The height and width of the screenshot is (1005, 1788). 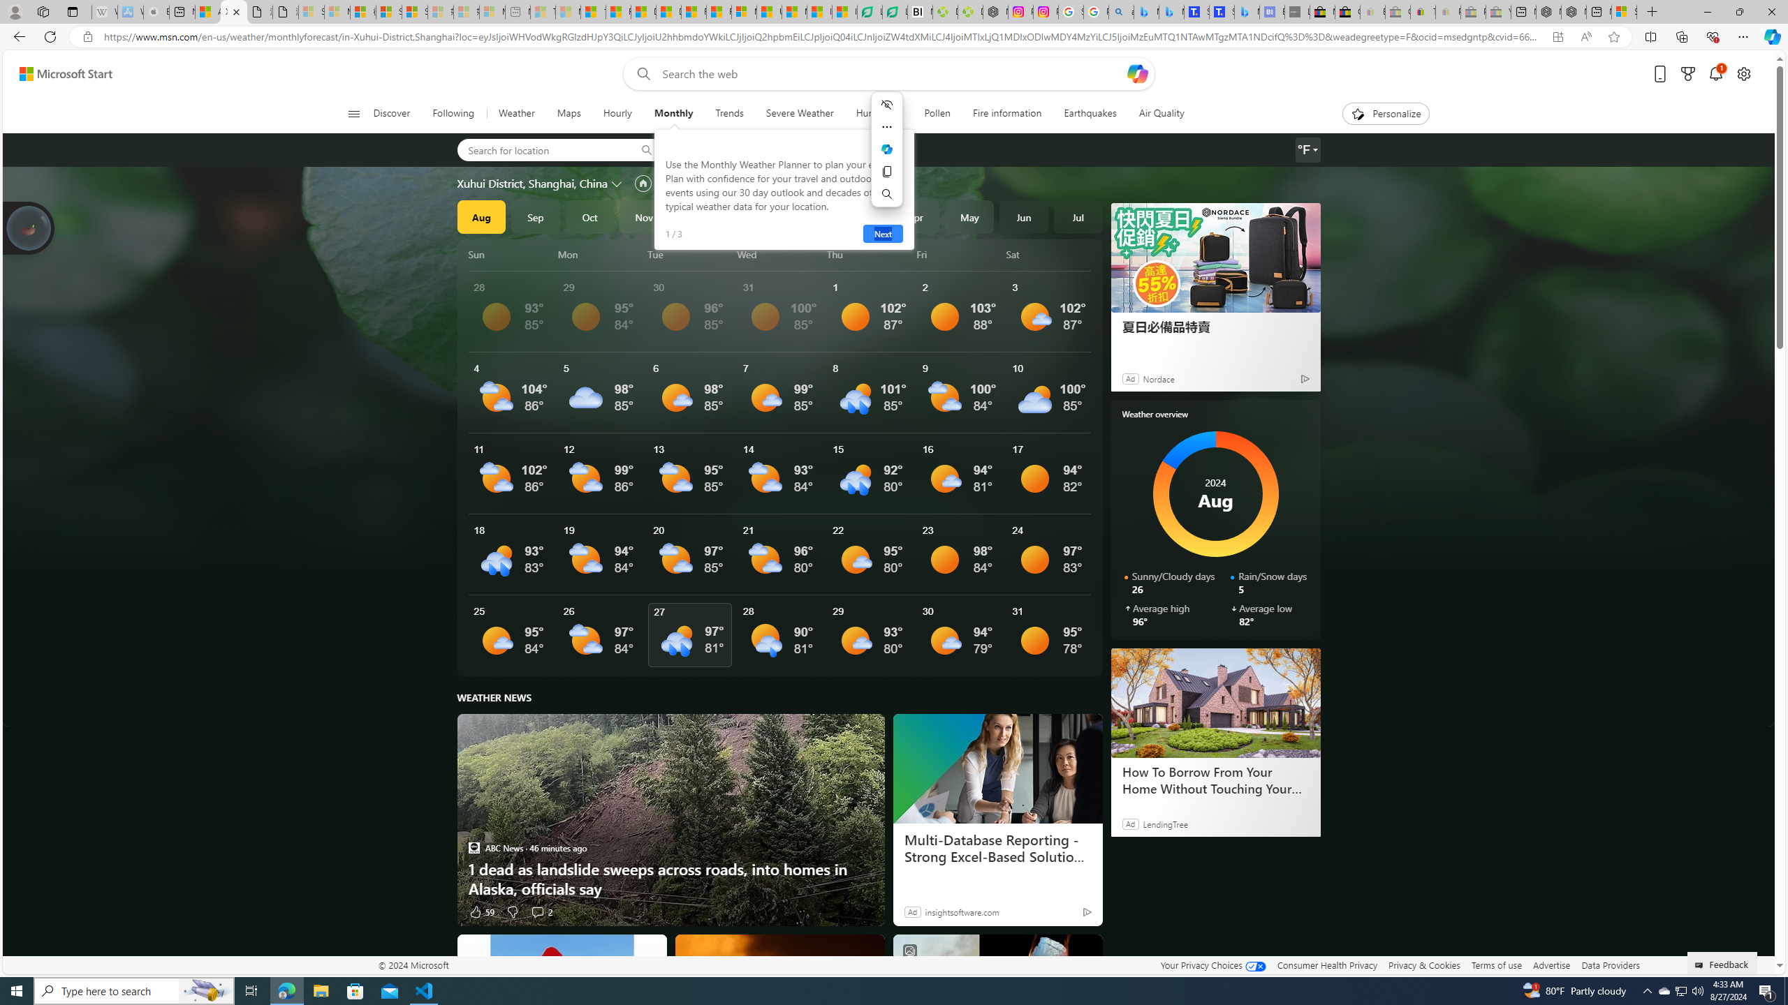 What do you see at coordinates (1687, 74) in the screenshot?
I see `'Microsoft rewards'` at bounding box center [1687, 74].